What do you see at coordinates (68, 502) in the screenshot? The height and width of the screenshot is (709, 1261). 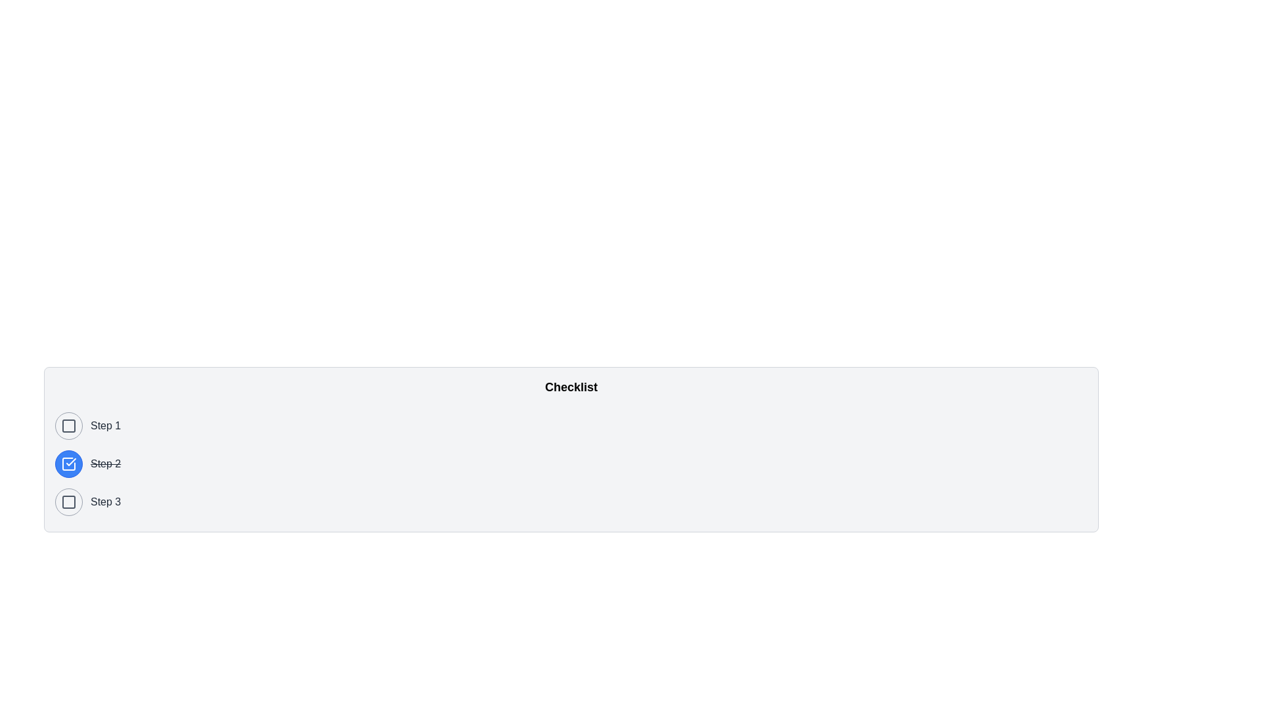 I see `the circular button representing 'Step 3' to interact with the keyboard` at bounding box center [68, 502].